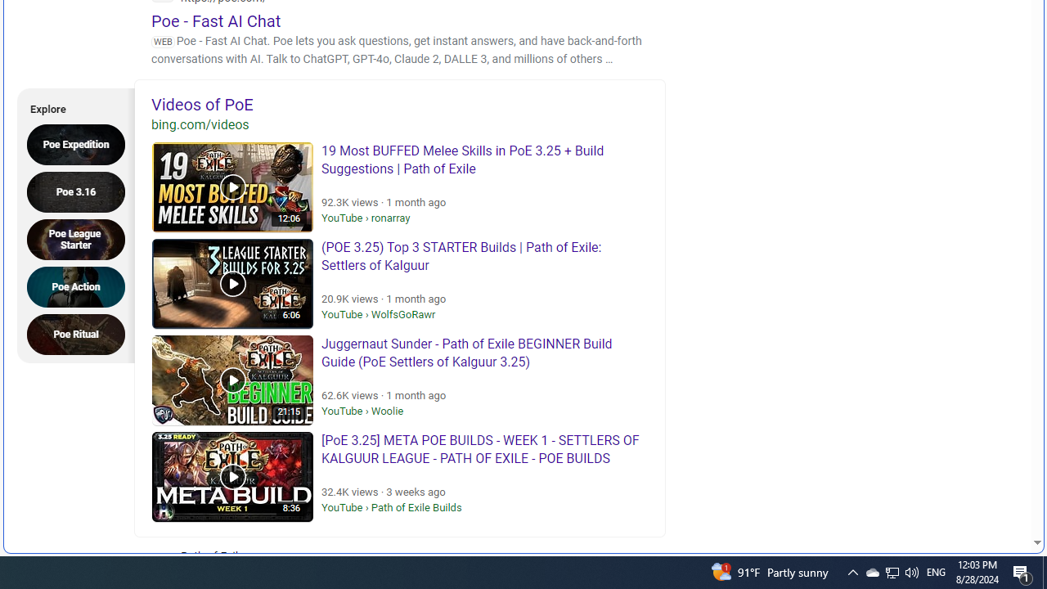  Describe the element at coordinates (215, 20) in the screenshot. I see `'Poe - Fast AI Chat'` at that location.